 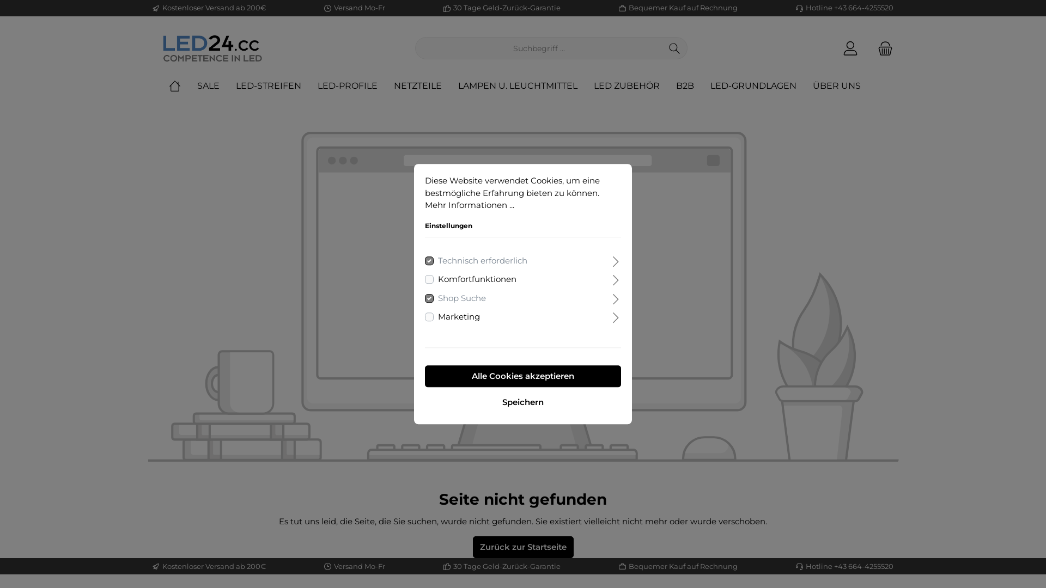 I want to click on 'LAMPEN U. LEUCHTMITTEL', so click(x=526, y=85).